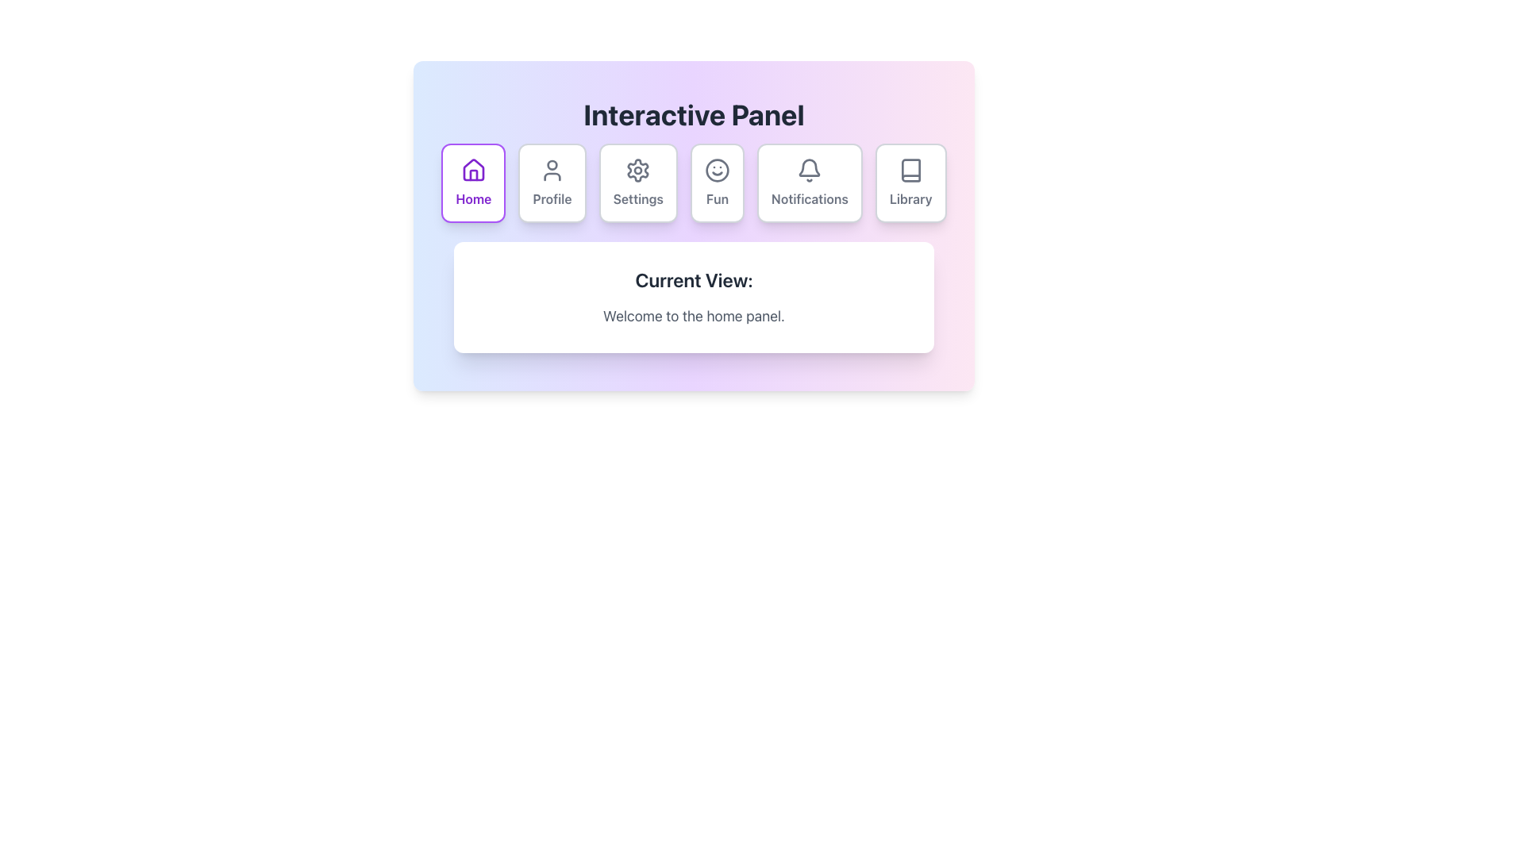 This screenshot has width=1524, height=857. What do you see at coordinates (694, 316) in the screenshot?
I see `the text label displaying 'Welcome to the home panel.' which is positioned below 'Current View:' in a larger light gray font` at bounding box center [694, 316].